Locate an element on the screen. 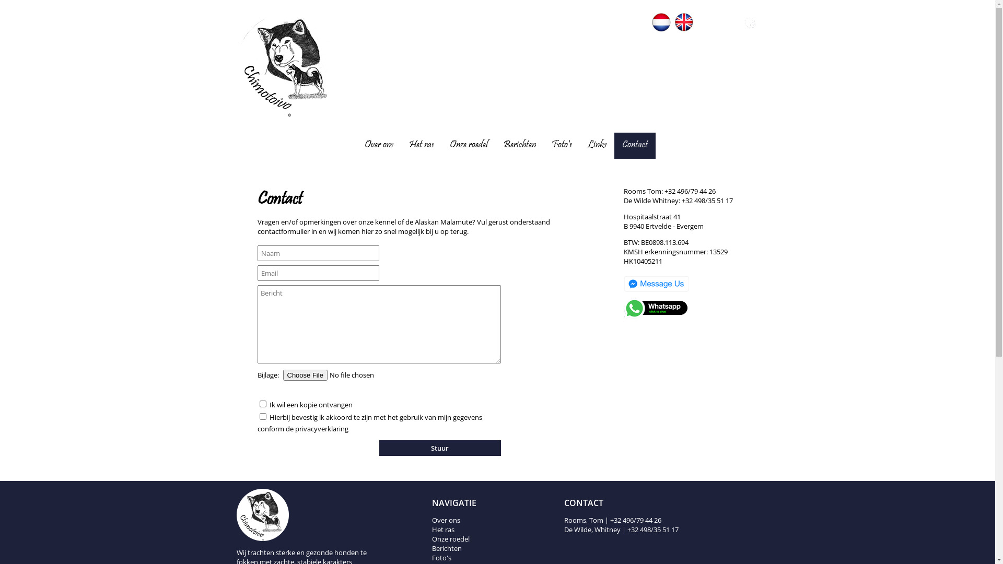 The image size is (1003, 564). 'Het ras' is located at coordinates (421, 145).